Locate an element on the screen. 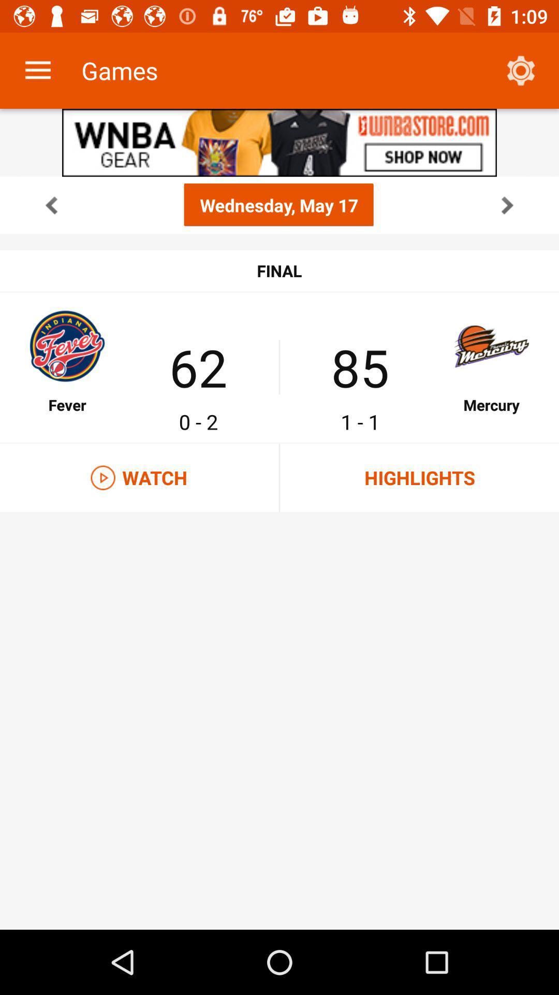 Image resolution: width=559 pixels, height=995 pixels. the advertisement is located at coordinates (279, 142).